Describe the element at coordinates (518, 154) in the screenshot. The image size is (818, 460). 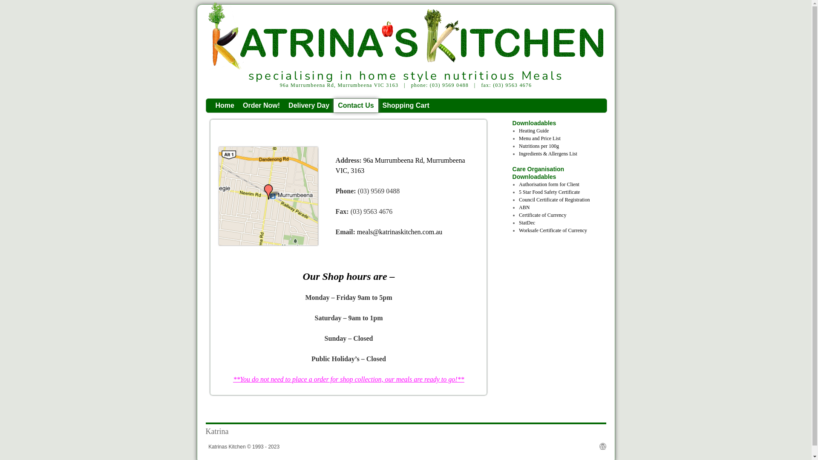
I see `'Ingredients & Allergens List'` at that location.